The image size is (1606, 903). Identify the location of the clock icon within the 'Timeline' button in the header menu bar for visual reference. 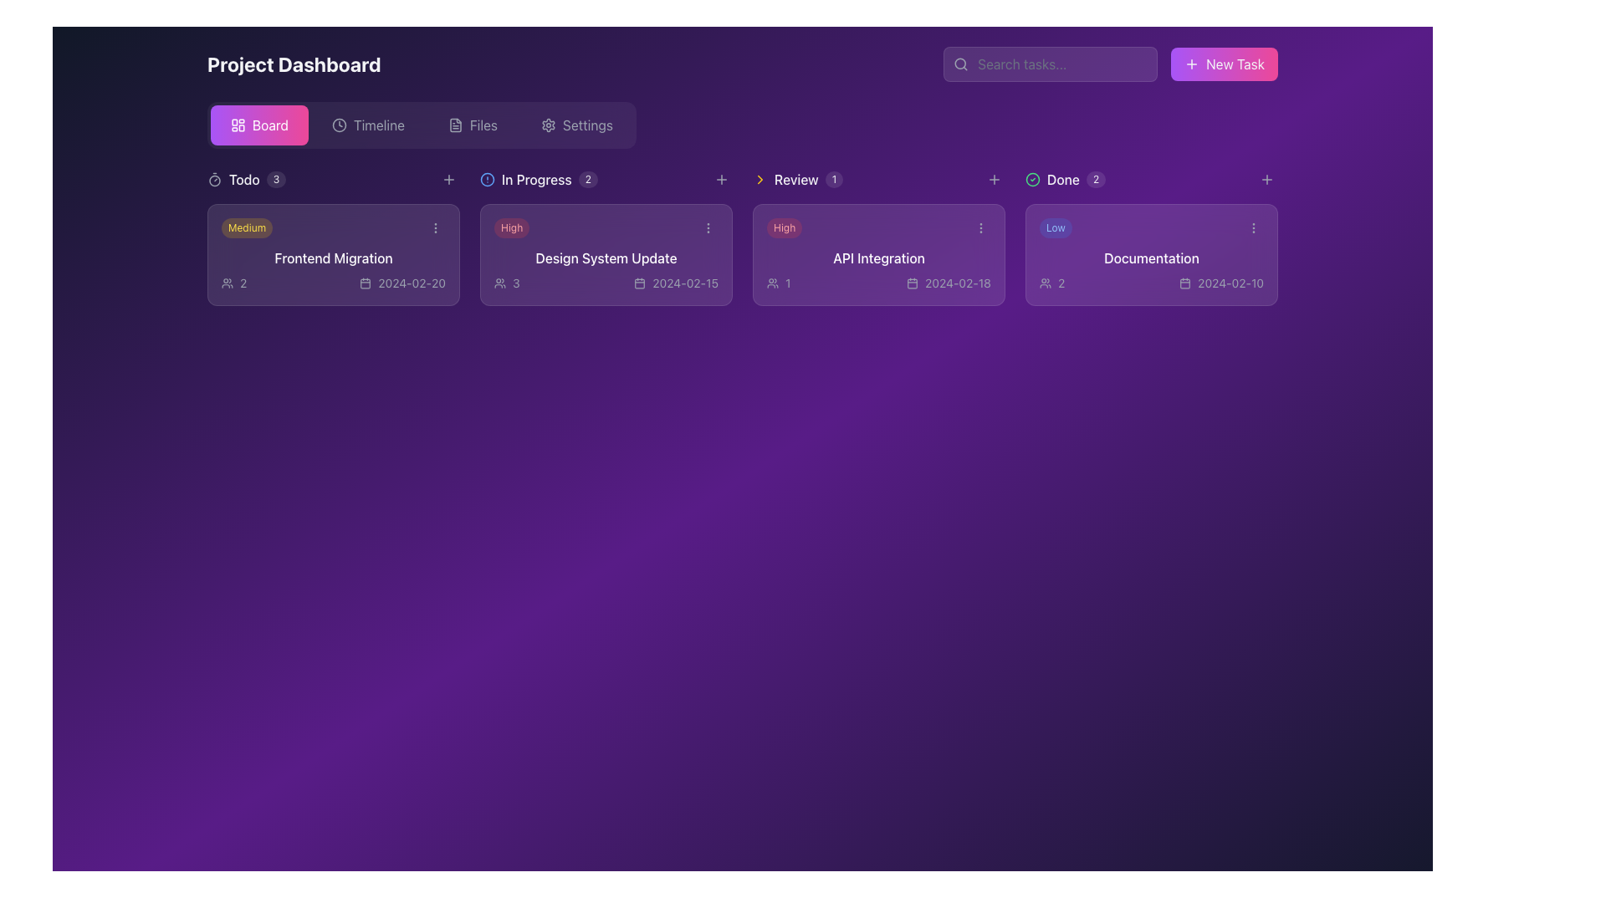
(338, 125).